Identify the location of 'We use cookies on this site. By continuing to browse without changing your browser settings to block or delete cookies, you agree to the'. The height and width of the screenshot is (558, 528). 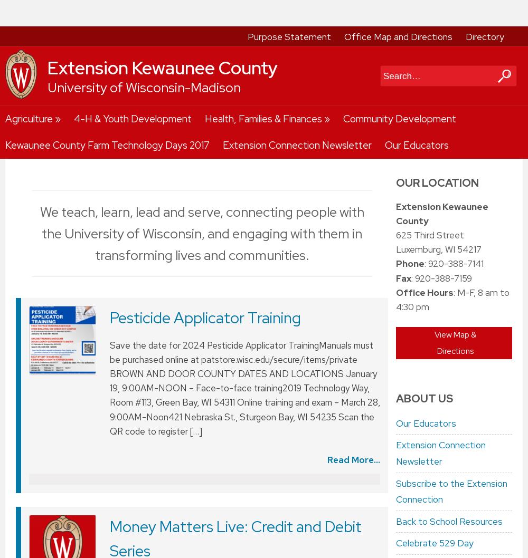
(17, 482).